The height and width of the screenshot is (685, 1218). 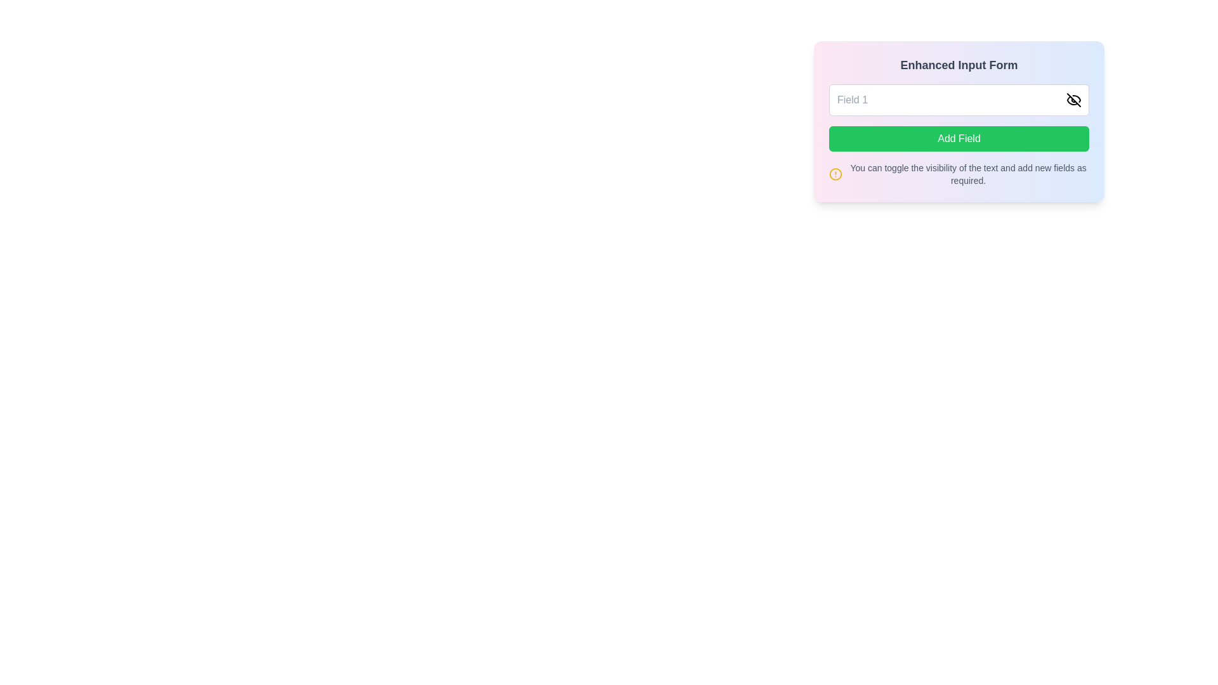 I want to click on the informational icon located at the bottom of the 'Enhanced Input Form' card, which provides guidance on how to interact with the form elements, so click(x=959, y=174).